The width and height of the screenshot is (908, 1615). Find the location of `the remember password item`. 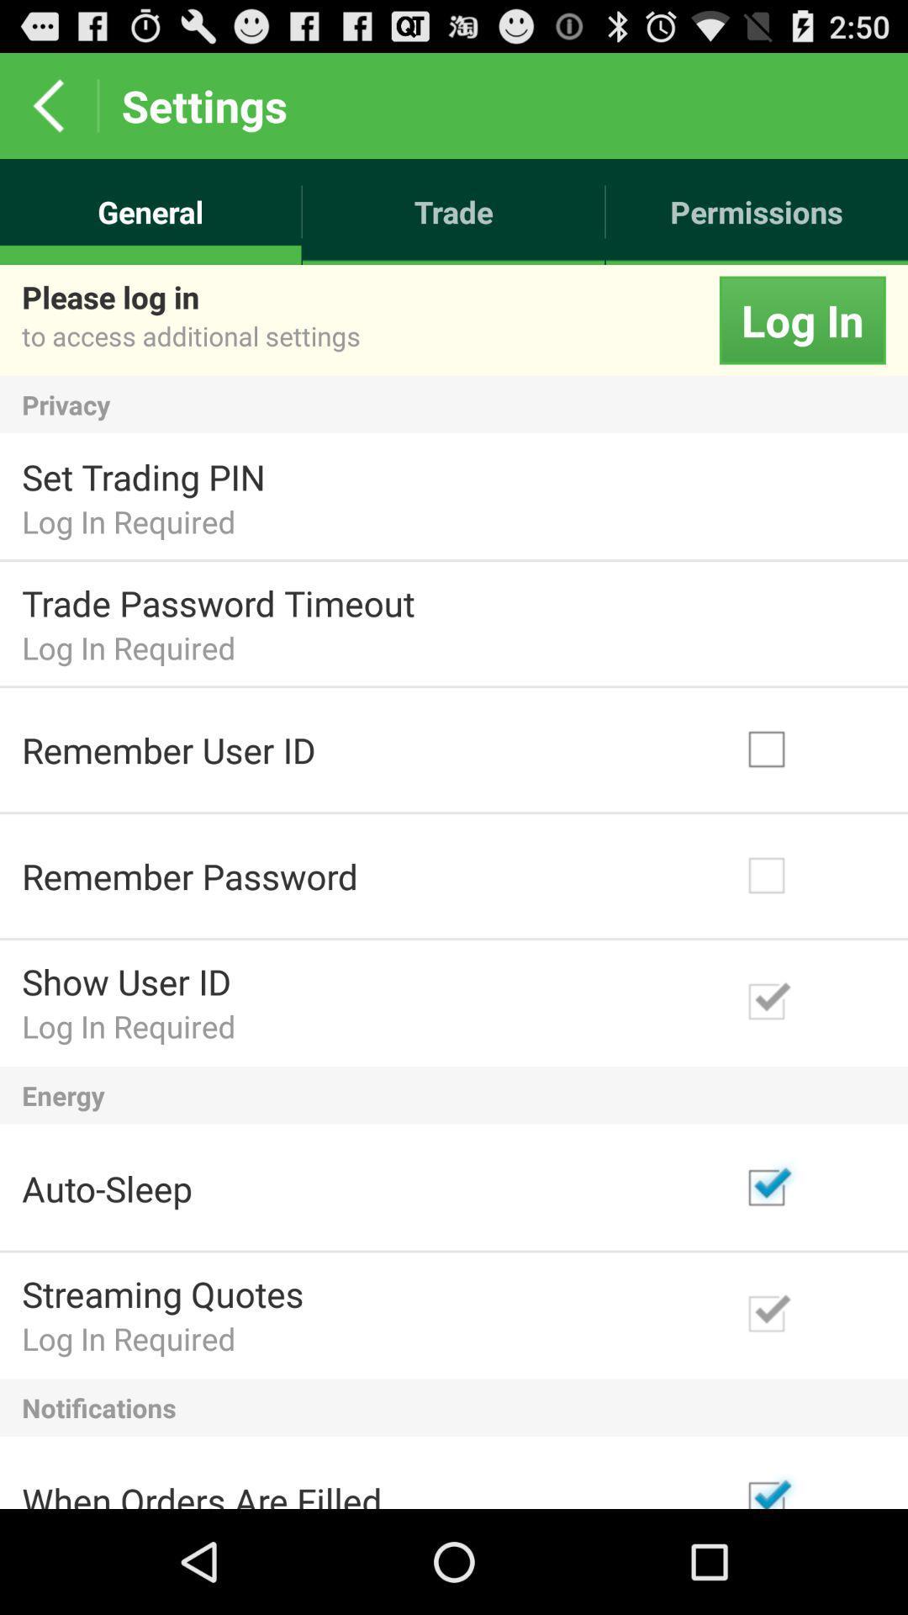

the remember password item is located at coordinates (189, 875).